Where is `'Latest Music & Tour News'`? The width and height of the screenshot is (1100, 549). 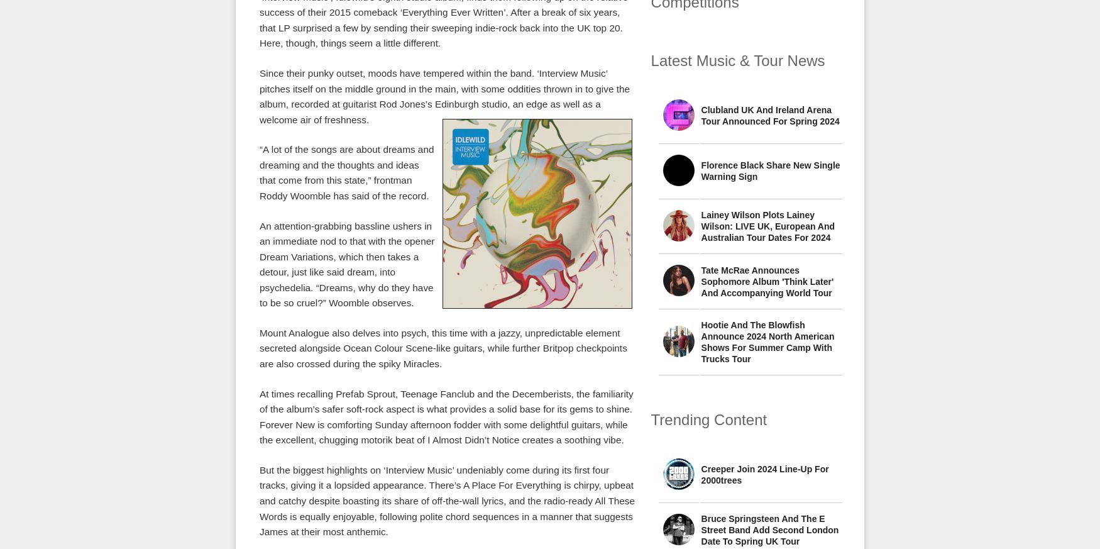 'Latest Music & Tour News' is located at coordinates (737, 60).